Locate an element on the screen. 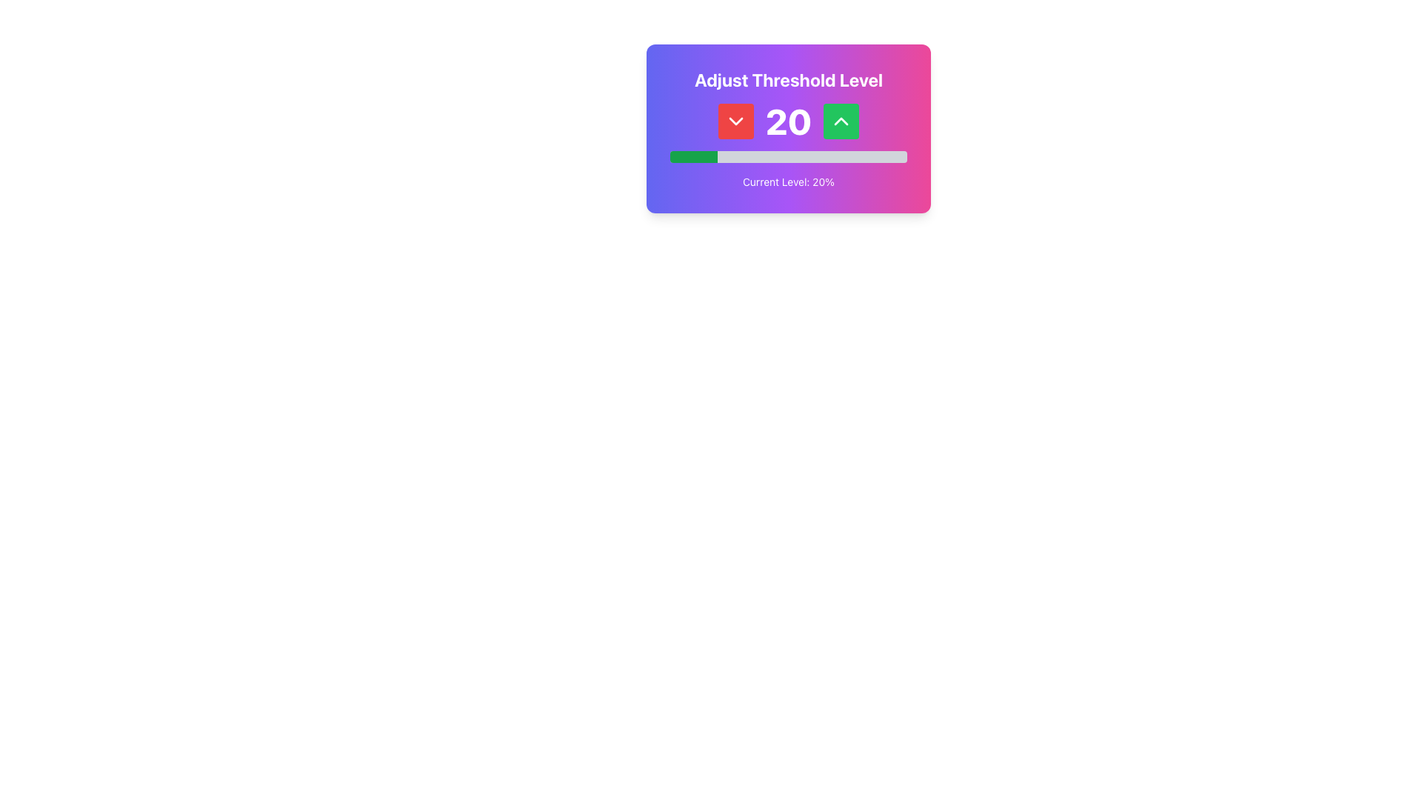 This screenshot has width=1422, height=800. the large-sized text displaying the number '20' in bold white font, which is centrally positioned within a gradient background box is located at coordinates (788, 121).